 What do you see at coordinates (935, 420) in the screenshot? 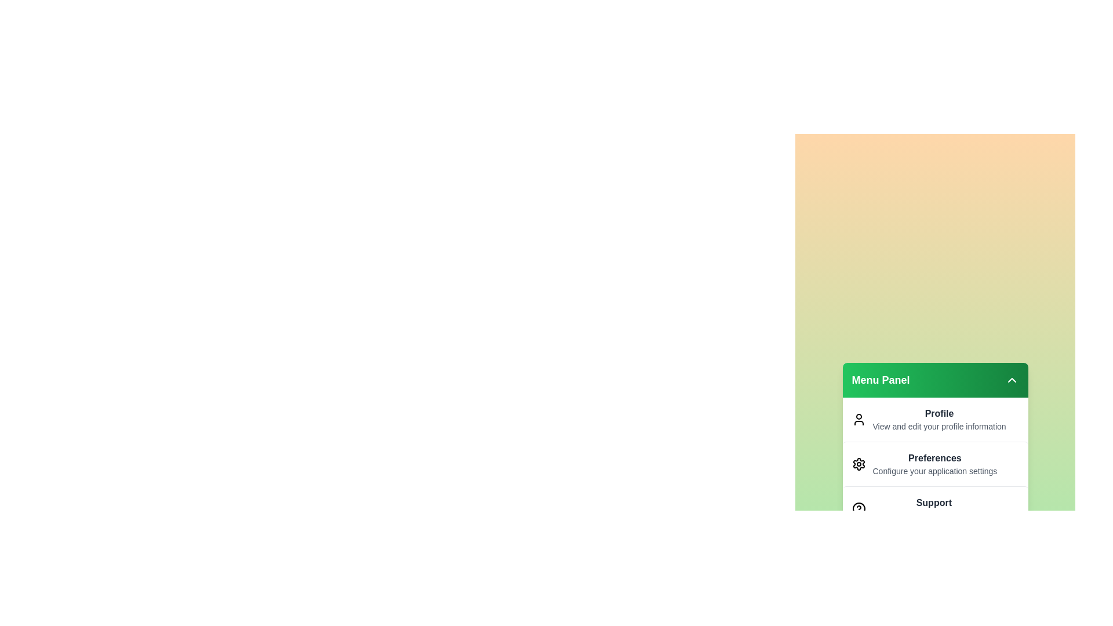
I see `the menu item Profile from the menu panel` at bounding box center [935, 420].